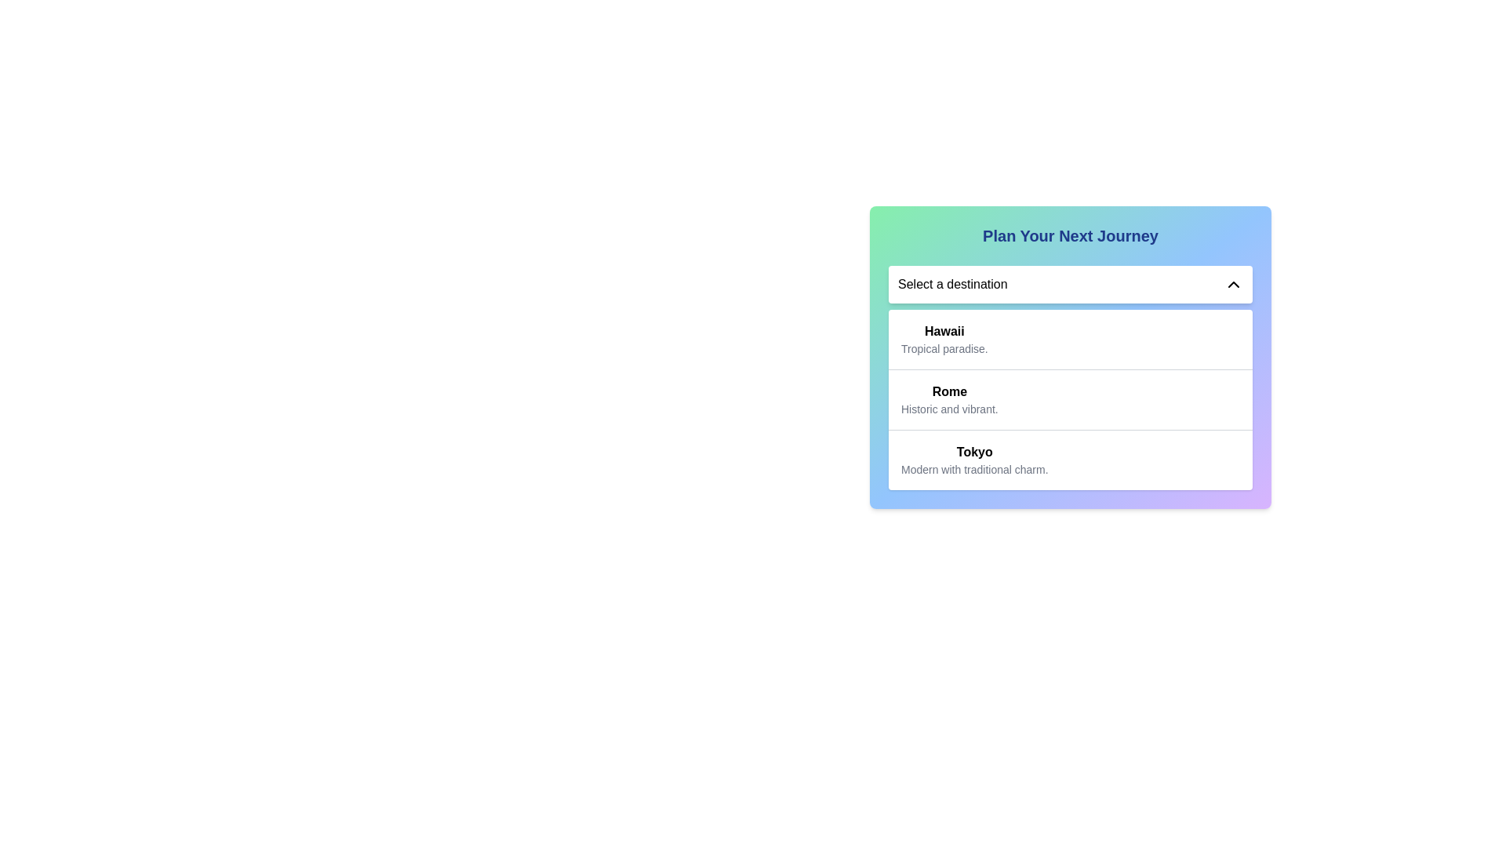  Describe the element at coordinates (948, 408) in the screenshot. I see `the descriptive subtitle text label for the 'Rome' destination option located below the 'Rome' text in the dropdown menu labeled 'Plan Your Next Journey'` at that location.